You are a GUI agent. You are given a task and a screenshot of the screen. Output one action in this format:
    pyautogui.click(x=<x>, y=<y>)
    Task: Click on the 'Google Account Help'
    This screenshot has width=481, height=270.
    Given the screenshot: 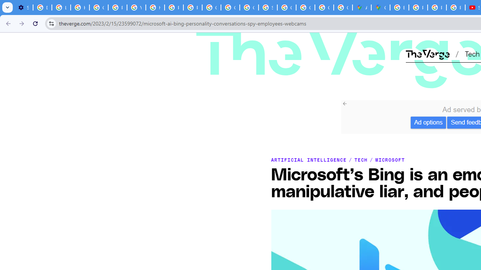 What is the action you would take?
    pyautogui.click(x=98, y=7)
    